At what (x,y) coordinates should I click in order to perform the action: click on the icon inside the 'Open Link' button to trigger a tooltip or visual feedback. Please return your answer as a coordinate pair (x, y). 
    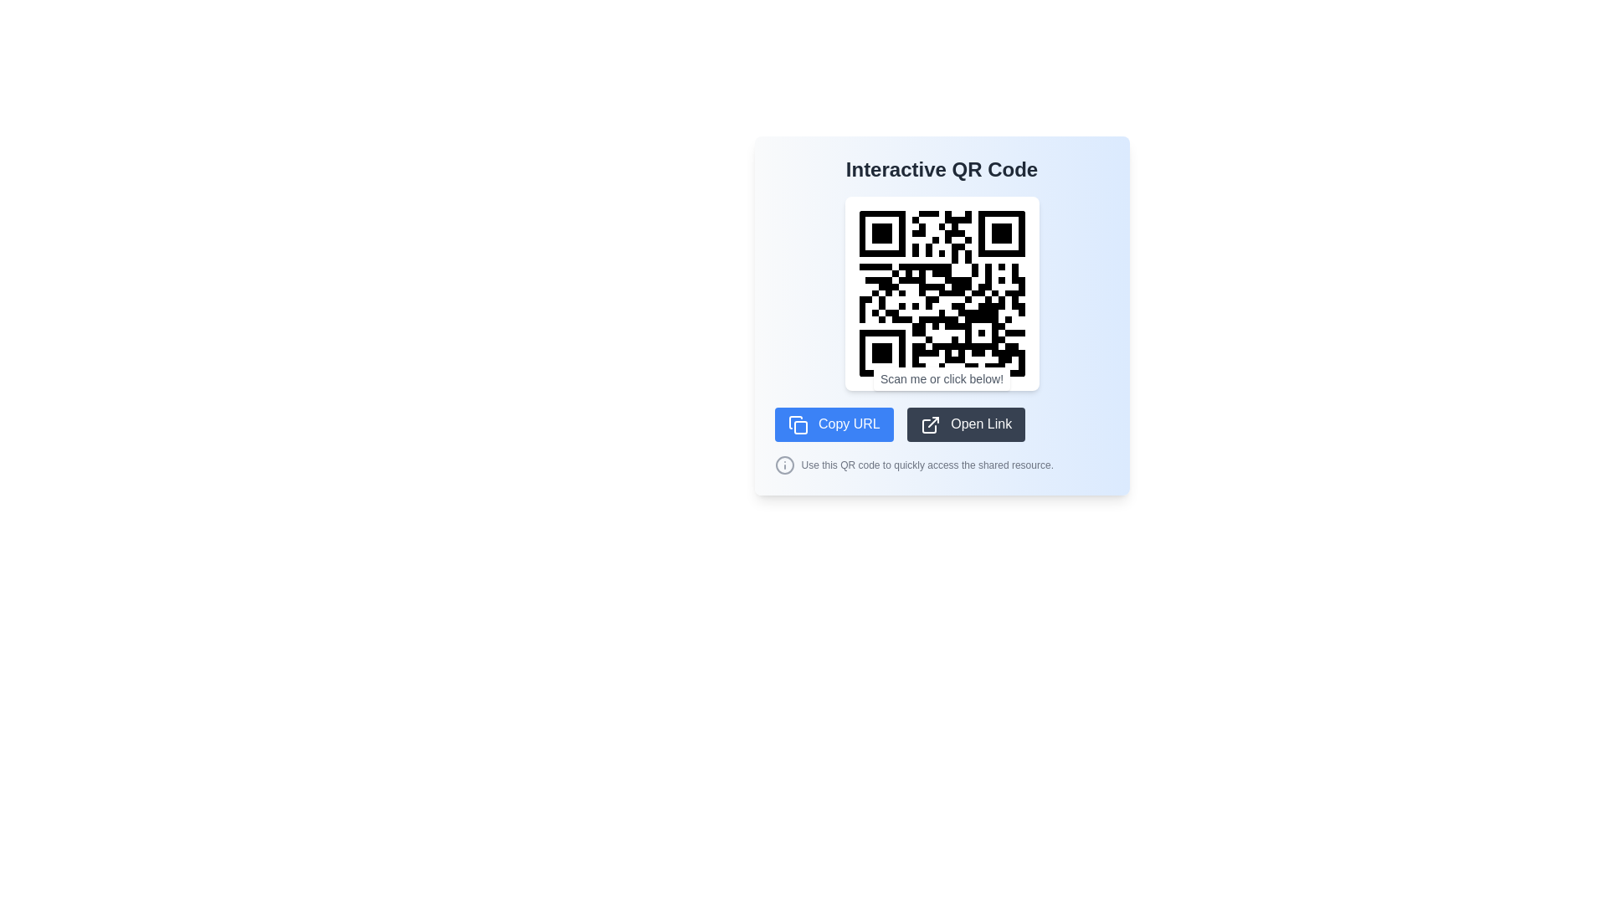
    Looking at the image, I should click on (929, 424).